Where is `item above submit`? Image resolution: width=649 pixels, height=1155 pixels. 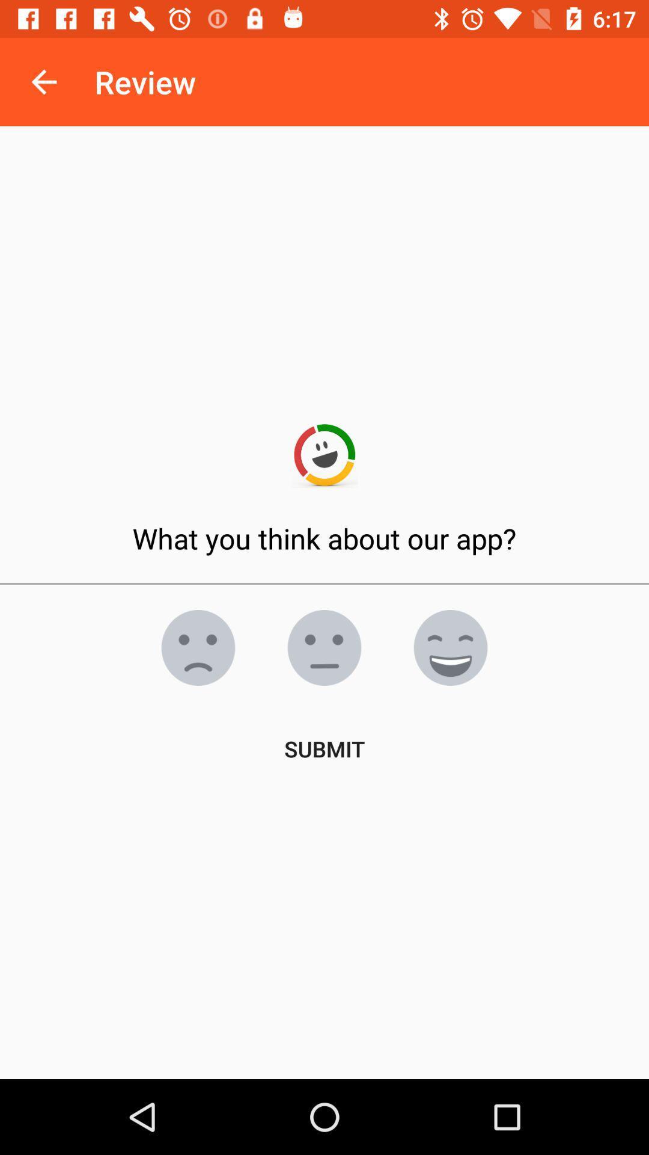
item above submit is located at coordinates (198, 647).